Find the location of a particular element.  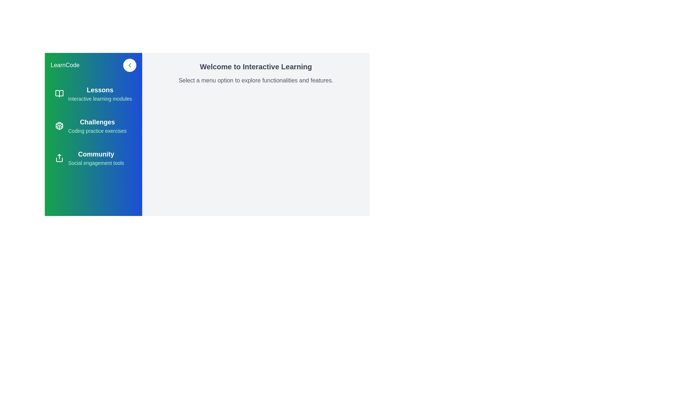

the section corresponding to Lessons is located at coordinates (93, 93).